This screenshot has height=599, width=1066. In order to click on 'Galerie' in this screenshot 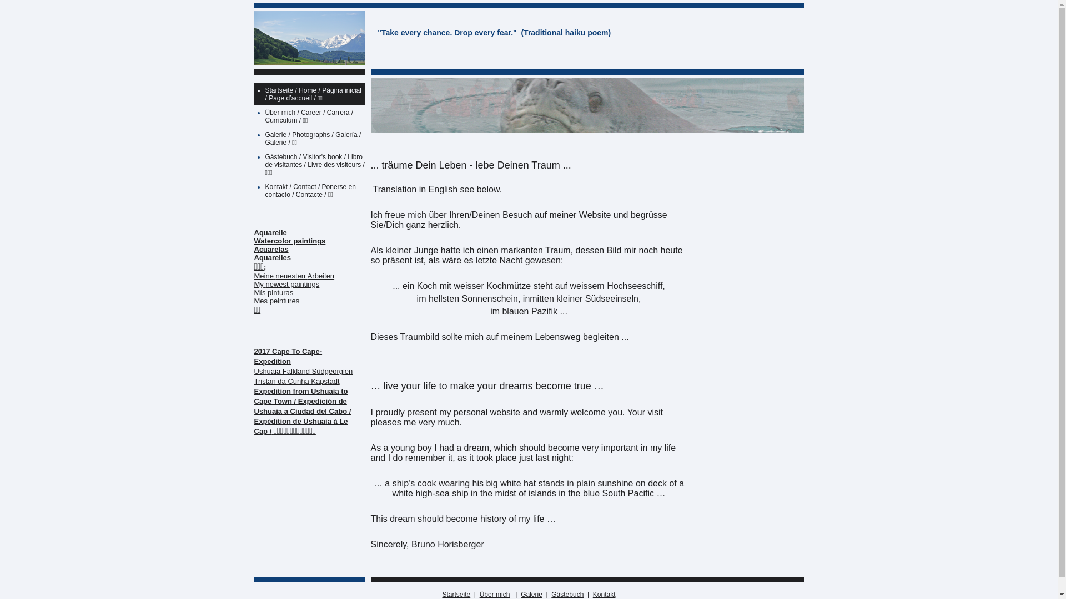, I will do `click(531, 594)`.